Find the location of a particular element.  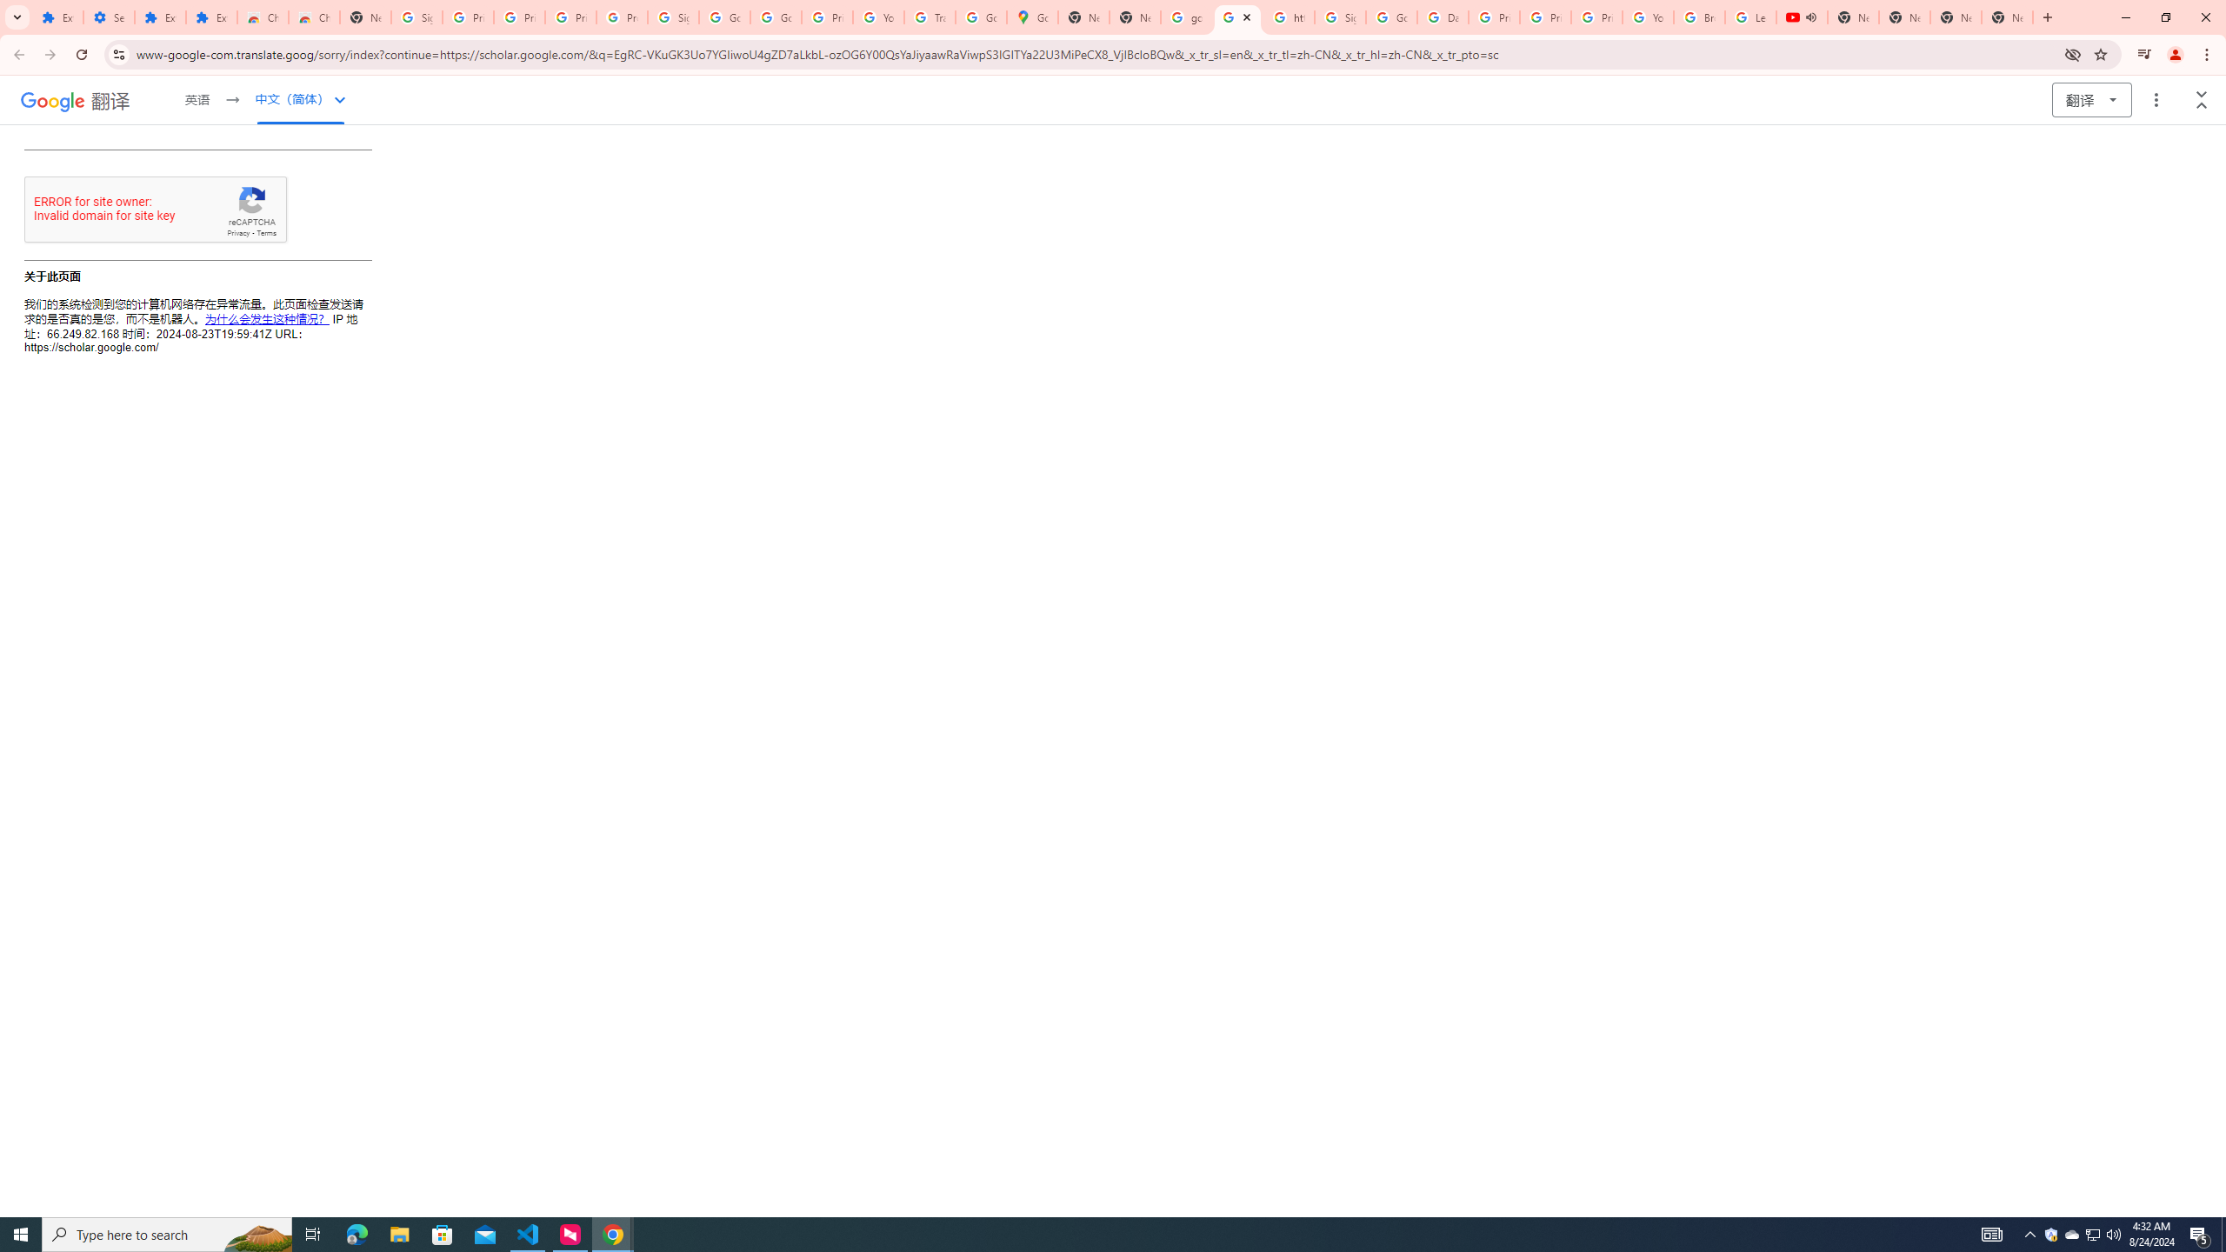

'Google' is located at coordinates (52, 100).